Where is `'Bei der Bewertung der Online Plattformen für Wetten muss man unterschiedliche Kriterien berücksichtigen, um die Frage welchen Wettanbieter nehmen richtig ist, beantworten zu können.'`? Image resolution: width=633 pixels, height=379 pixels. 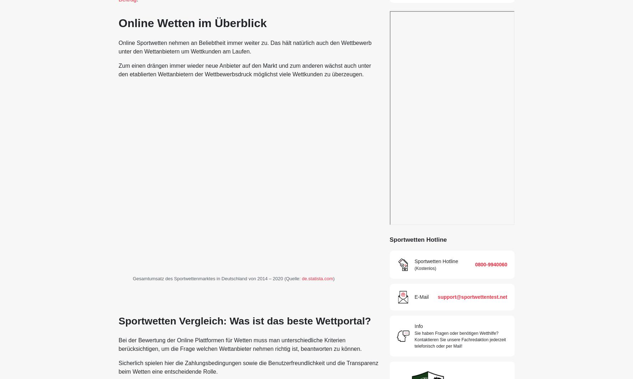 'Bei der Bewertung der Online Plattformen für Wetten muss man unterschiedliche Kriterien berücksichtigen, um die Frage welchen Wettanbieter nehmen richtig ist, beantworten zu können.' is located at coordinates (240, 344).